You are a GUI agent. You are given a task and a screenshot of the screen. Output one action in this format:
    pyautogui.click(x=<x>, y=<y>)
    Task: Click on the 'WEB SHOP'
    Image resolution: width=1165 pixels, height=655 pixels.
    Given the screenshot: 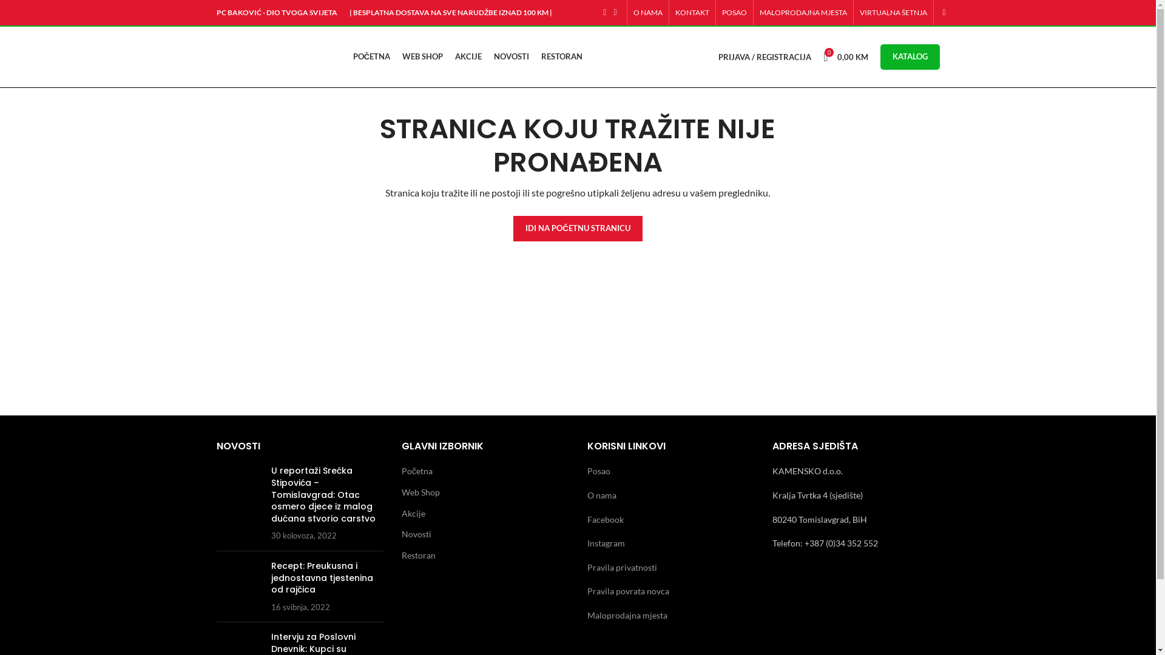 What is the action you would take?
    pyautogui.click(x=422, y=56)
    